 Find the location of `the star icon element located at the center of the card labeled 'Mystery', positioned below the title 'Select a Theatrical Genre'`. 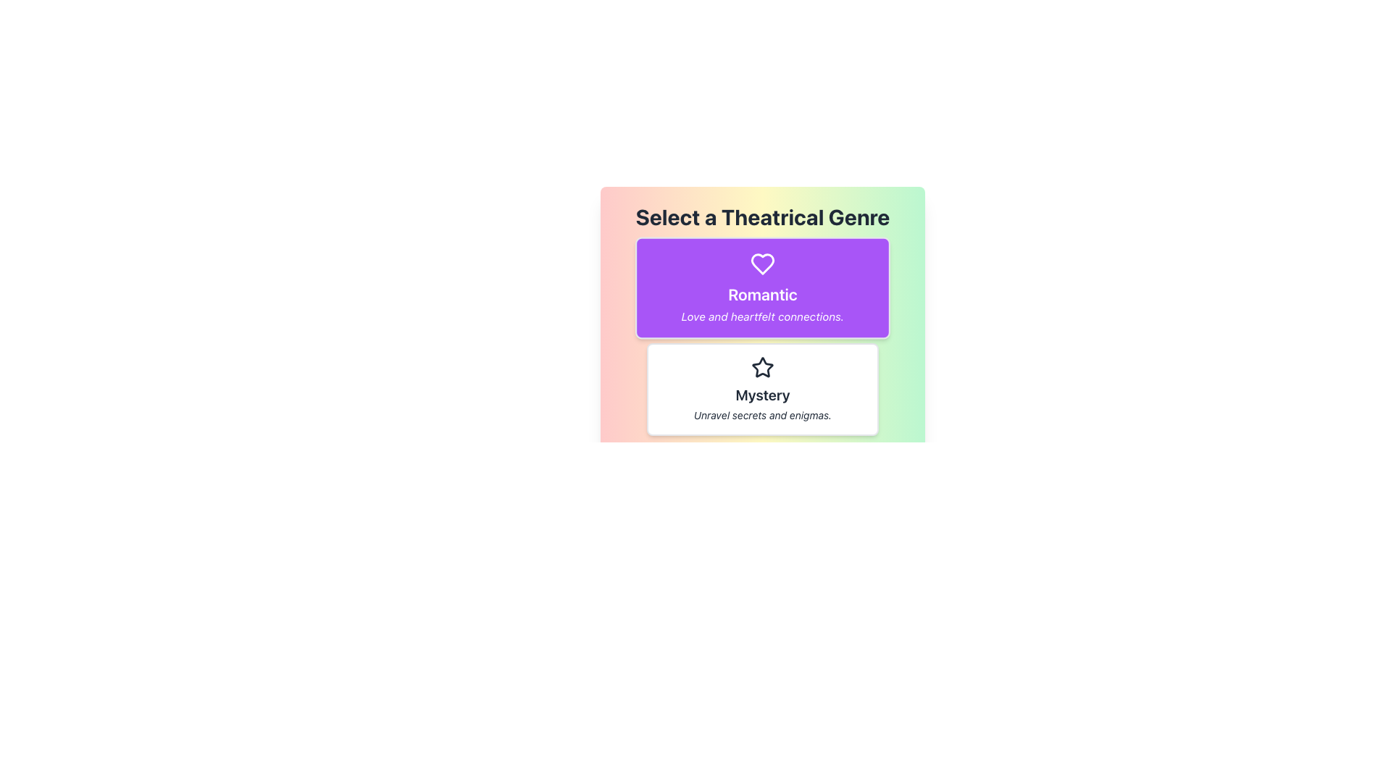

the star icon element located at the center of the card labeled 'Mystery', positioned below the title 'Select a Theatrical Genre' is located at coordinates (761, 367).